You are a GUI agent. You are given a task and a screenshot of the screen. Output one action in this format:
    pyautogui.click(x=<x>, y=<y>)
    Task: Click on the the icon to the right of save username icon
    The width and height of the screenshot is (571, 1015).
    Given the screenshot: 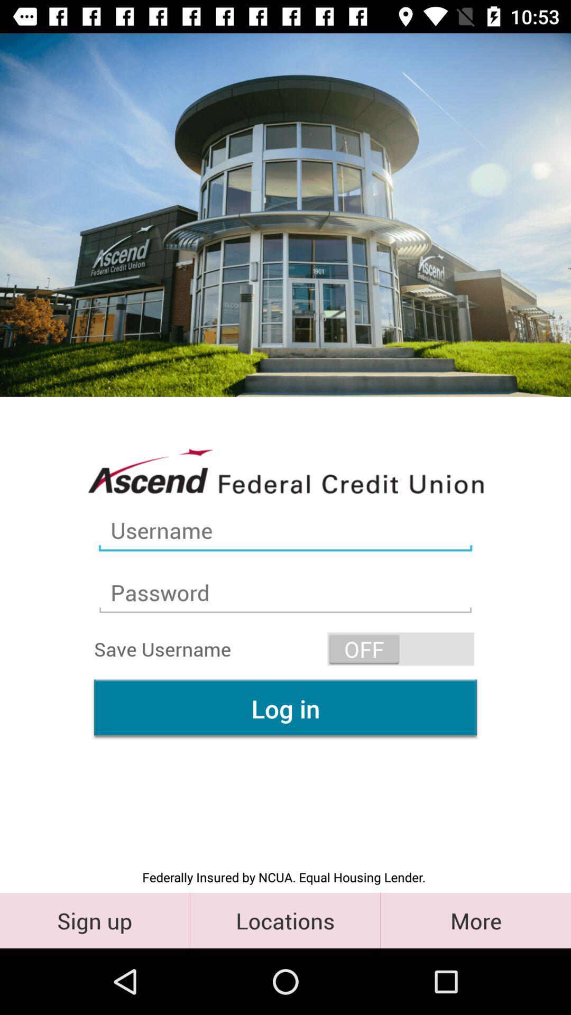 What is the action you would take?
    pyautogui.click(x=401, y=648)
    